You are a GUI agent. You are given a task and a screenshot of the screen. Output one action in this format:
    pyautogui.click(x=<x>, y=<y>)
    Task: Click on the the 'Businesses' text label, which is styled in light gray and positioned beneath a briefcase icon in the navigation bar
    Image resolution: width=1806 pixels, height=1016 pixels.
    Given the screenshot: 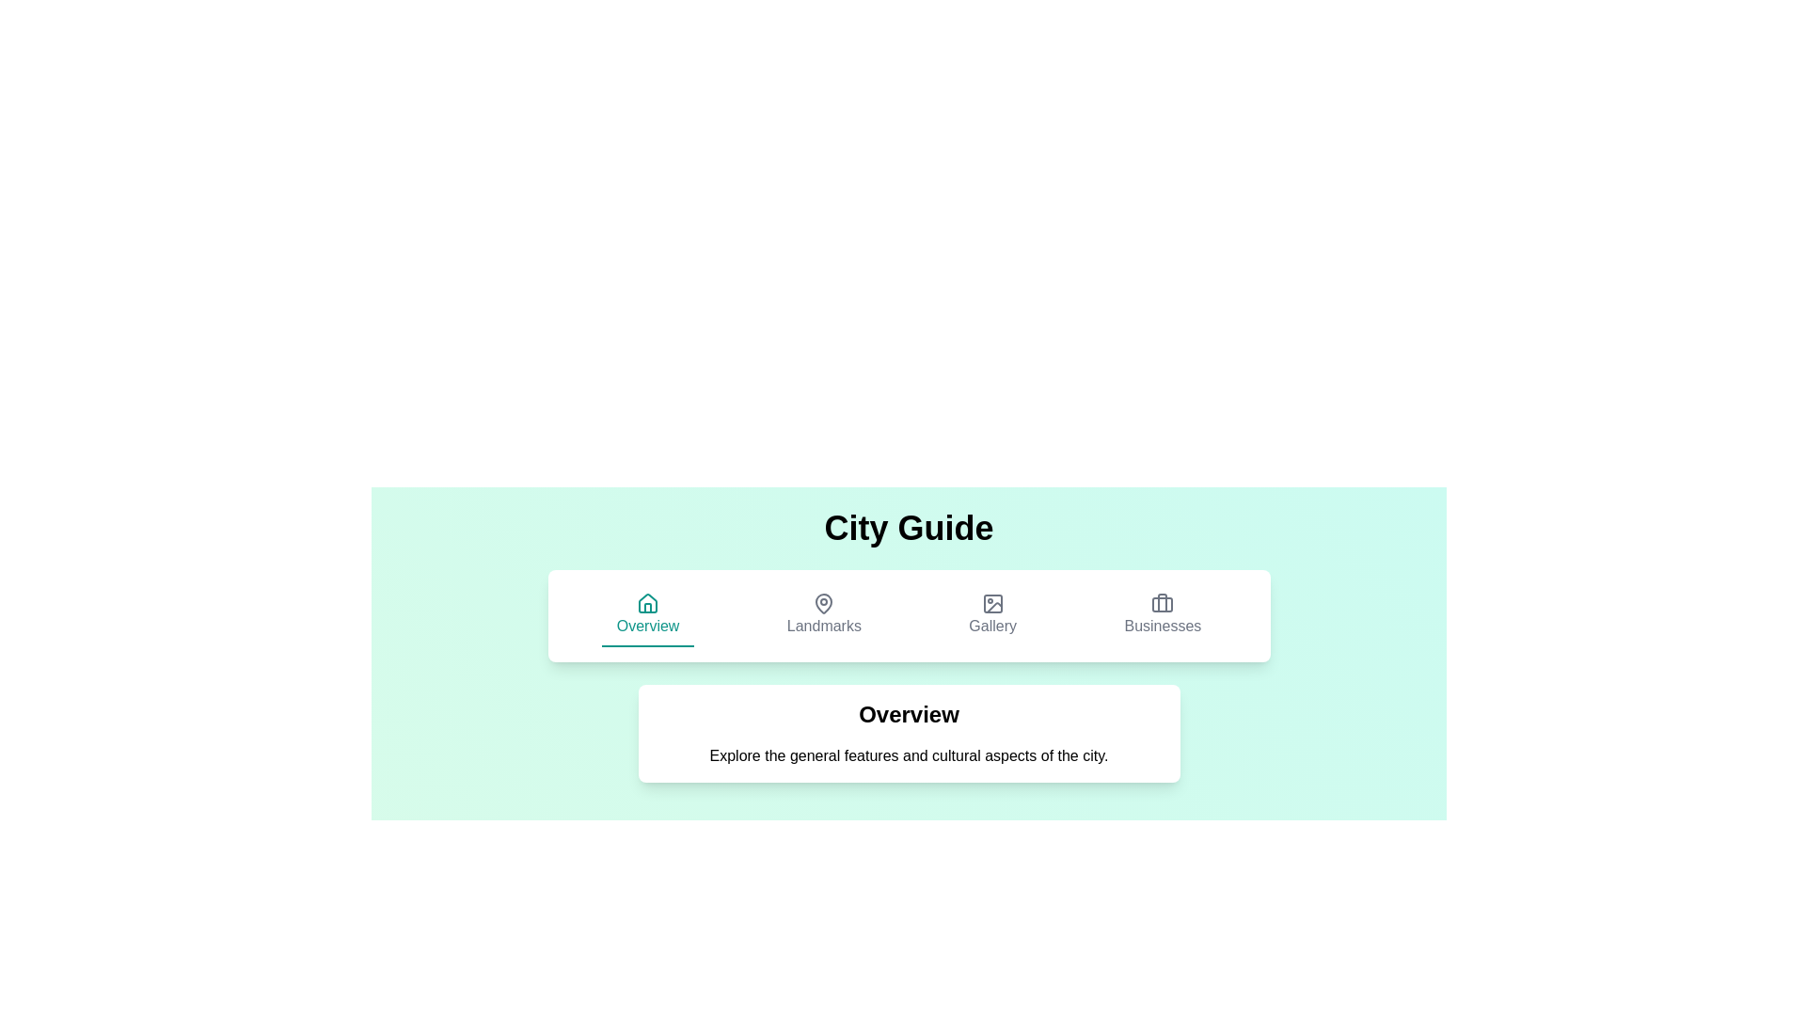 What is the action you would take?
    pyautogui.click(x=1162, y=627)
    